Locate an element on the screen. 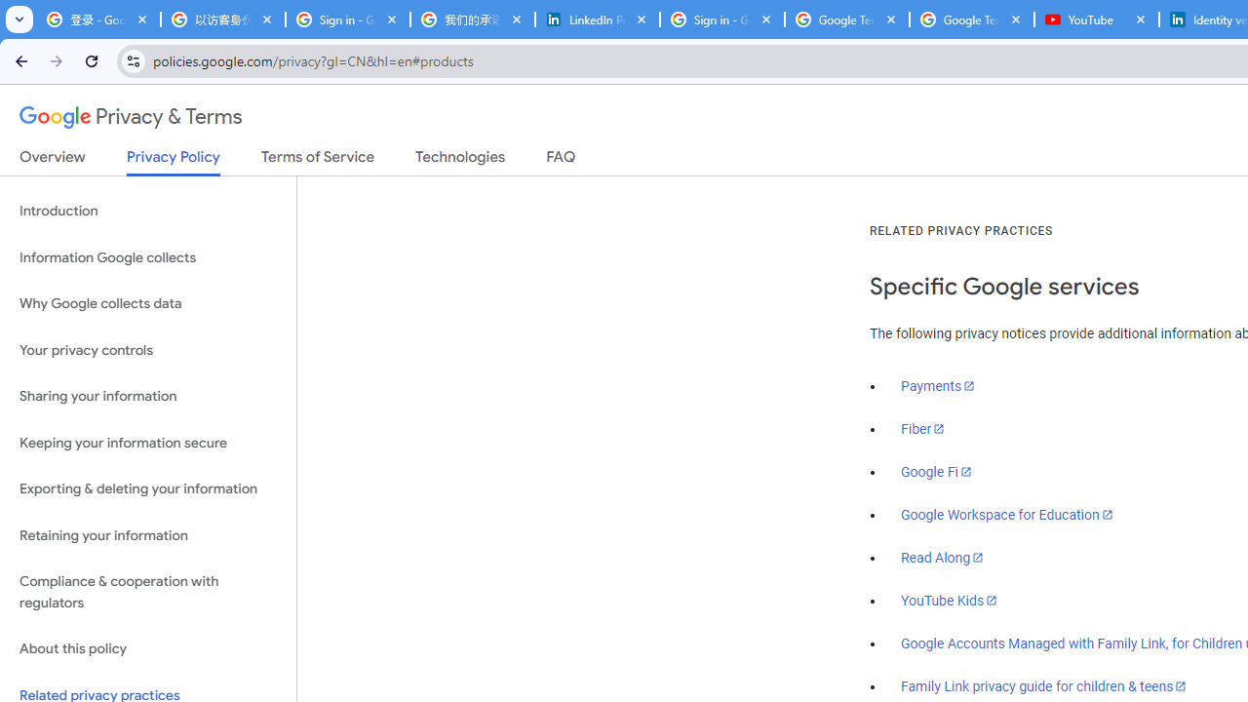 This screenshot has width=1248, height=702. 'Sign in - Google Accounts' is located at coordinates (721, 19).